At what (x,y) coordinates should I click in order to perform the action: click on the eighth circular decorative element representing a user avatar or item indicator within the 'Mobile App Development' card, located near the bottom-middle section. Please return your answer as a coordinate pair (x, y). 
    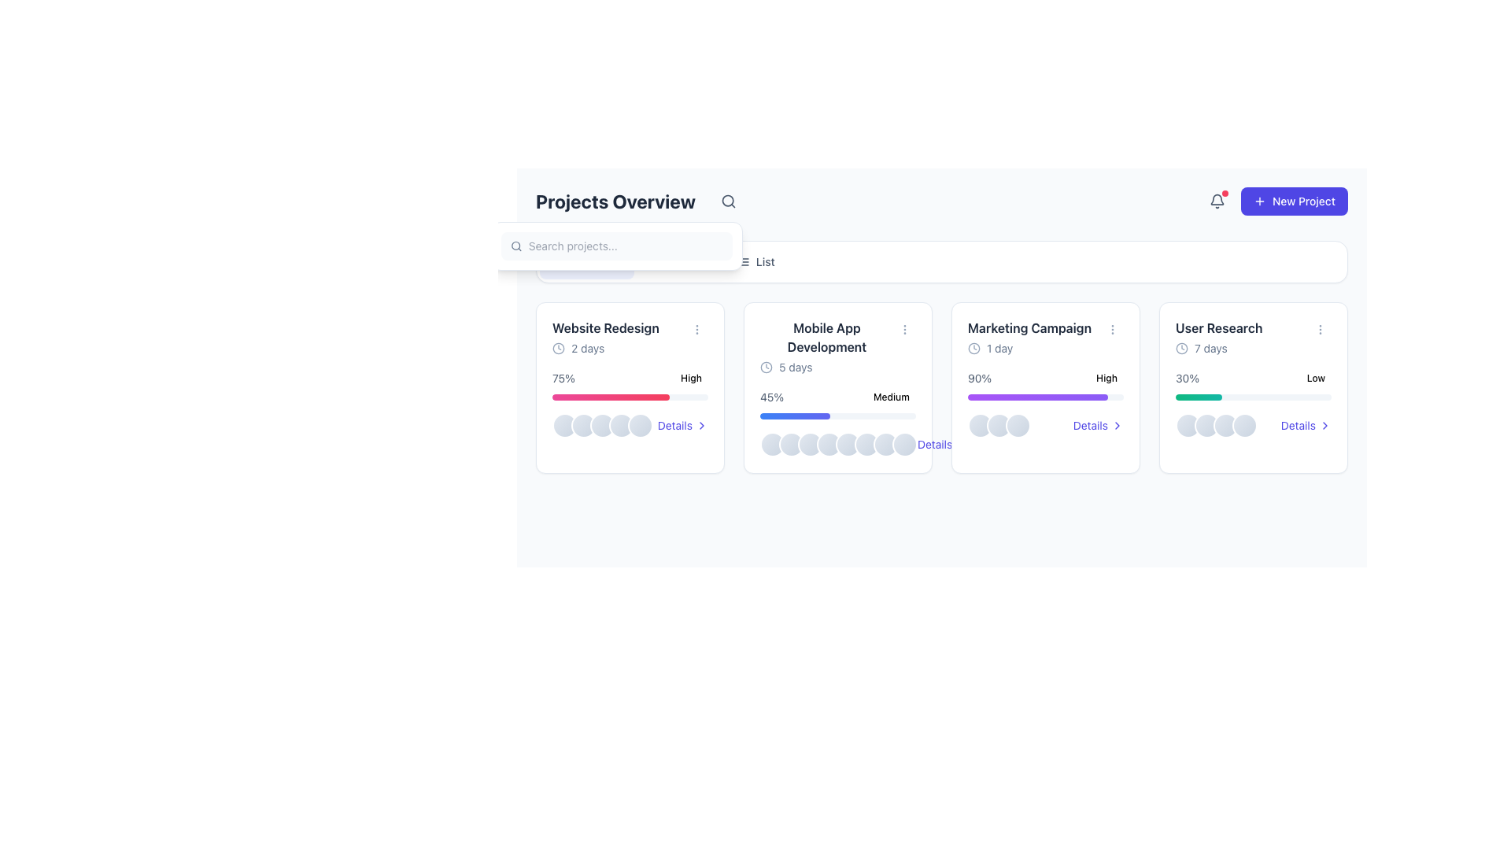
    Looking at the image, I should click on (905, 444).